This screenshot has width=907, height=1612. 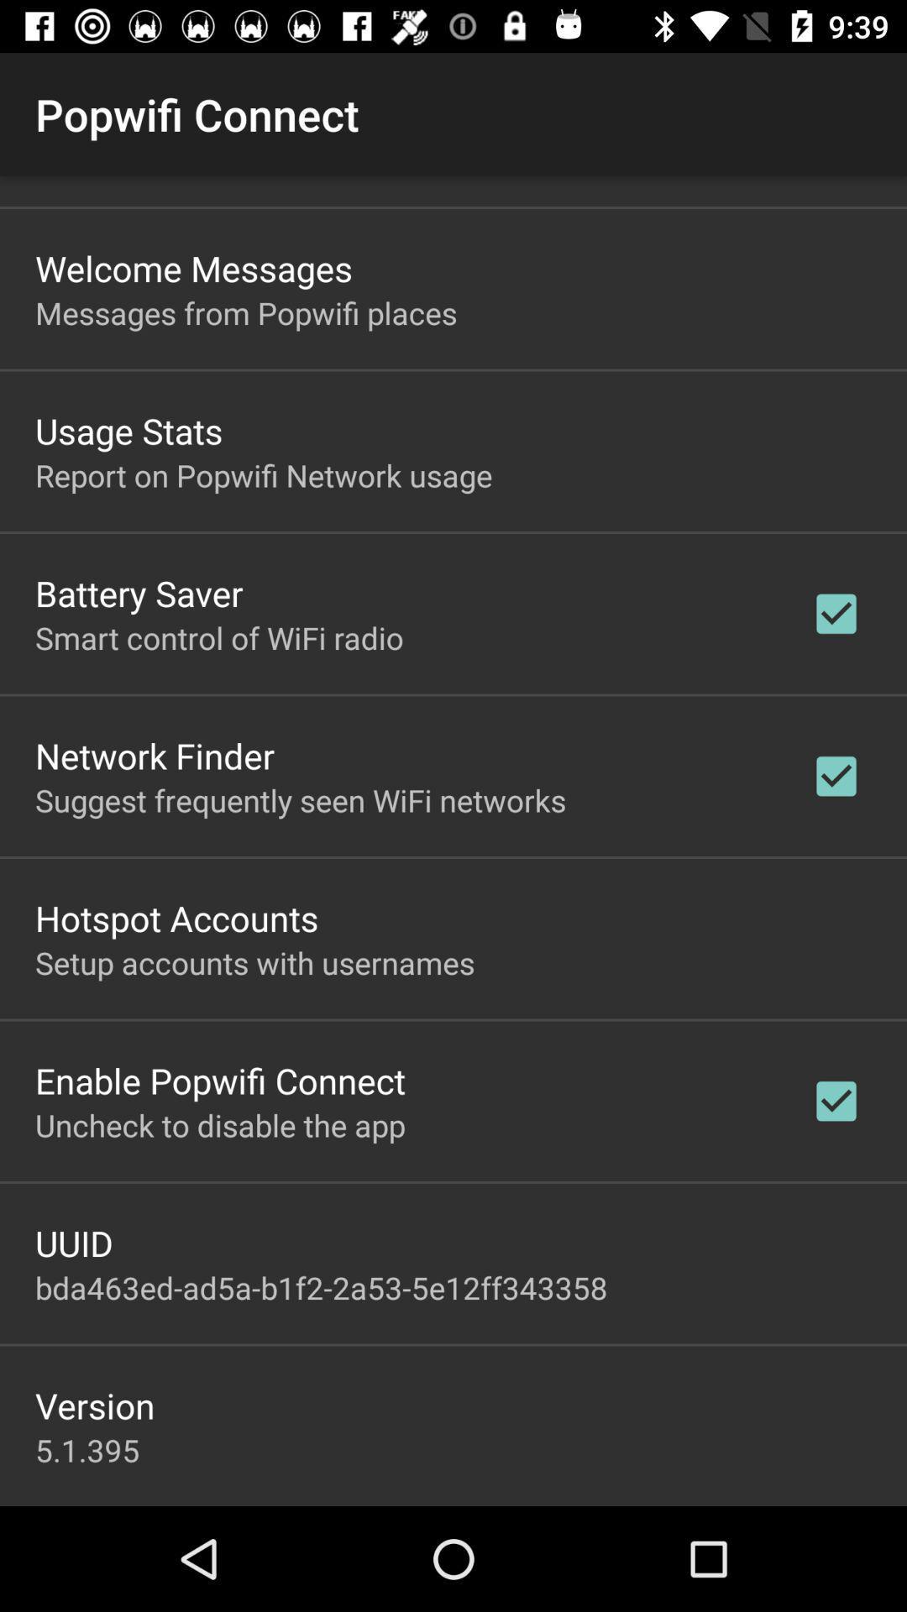 I want to click on the smart control of app, so click(x=218, y=636).